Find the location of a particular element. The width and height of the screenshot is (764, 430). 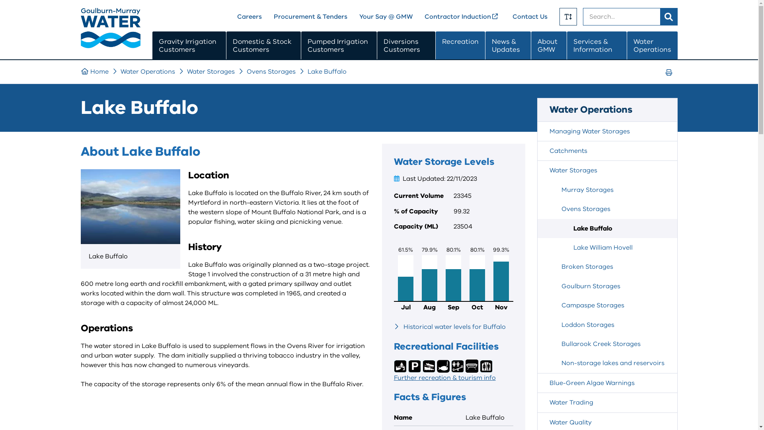

'Catchments' is located at coordinates (607, 150).